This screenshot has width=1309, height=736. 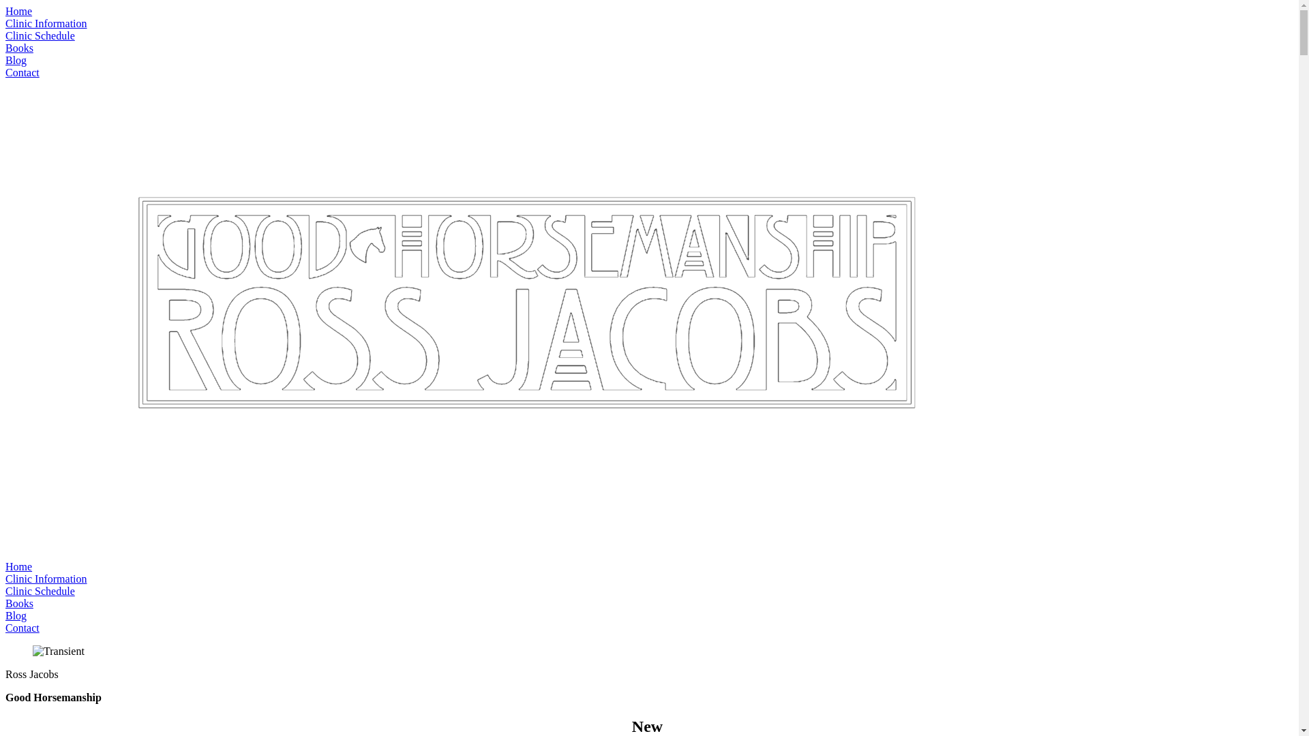 I want to click on 'Clinic Schedule', so click(x=5, y=590).